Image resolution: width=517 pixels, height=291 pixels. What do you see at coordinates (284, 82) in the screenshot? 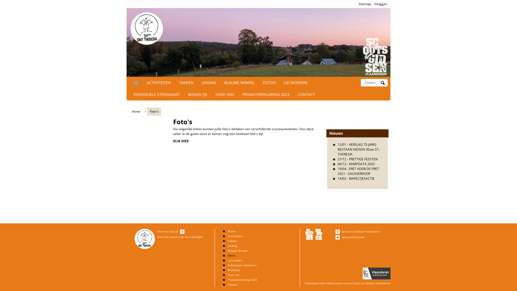
I see `'LID WORDEN'` at bounding box center [284, 82].